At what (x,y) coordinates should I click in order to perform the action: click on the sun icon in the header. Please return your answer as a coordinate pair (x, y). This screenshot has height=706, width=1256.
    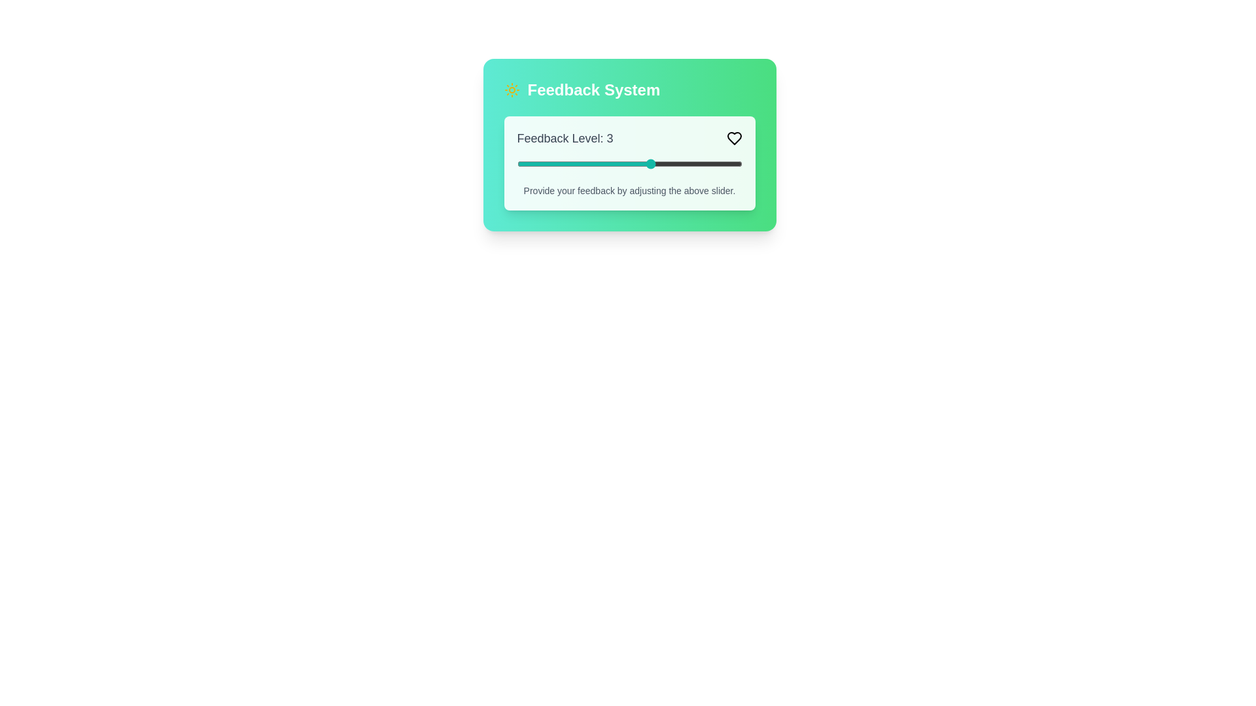
    Looking at the image, I should click on (511, 90).